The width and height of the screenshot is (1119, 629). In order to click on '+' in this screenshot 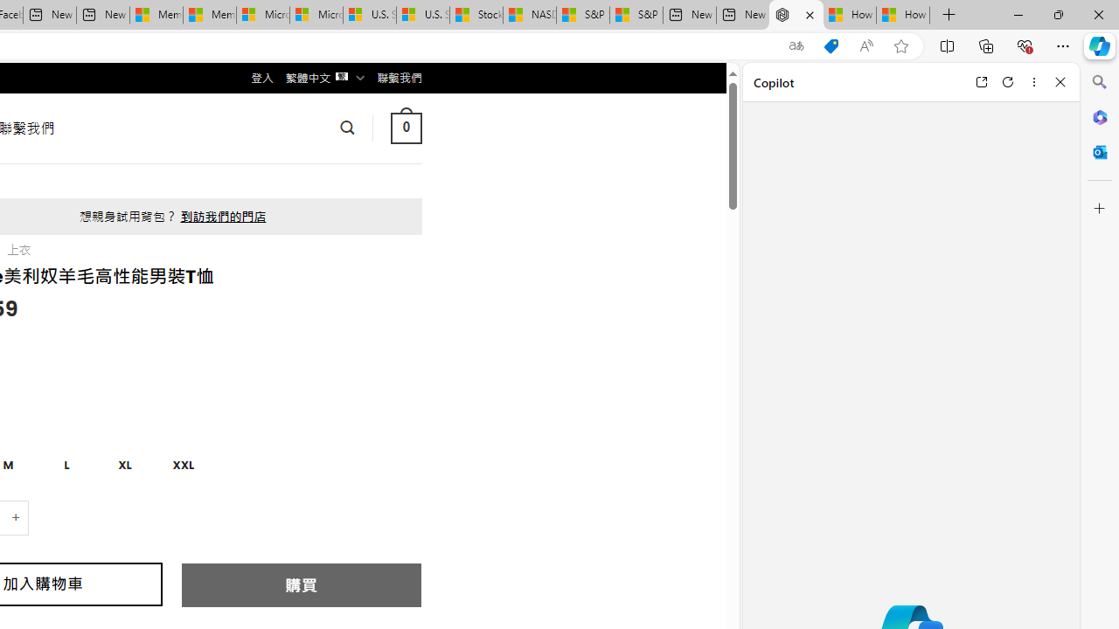, I will do `click(17, 516)`.